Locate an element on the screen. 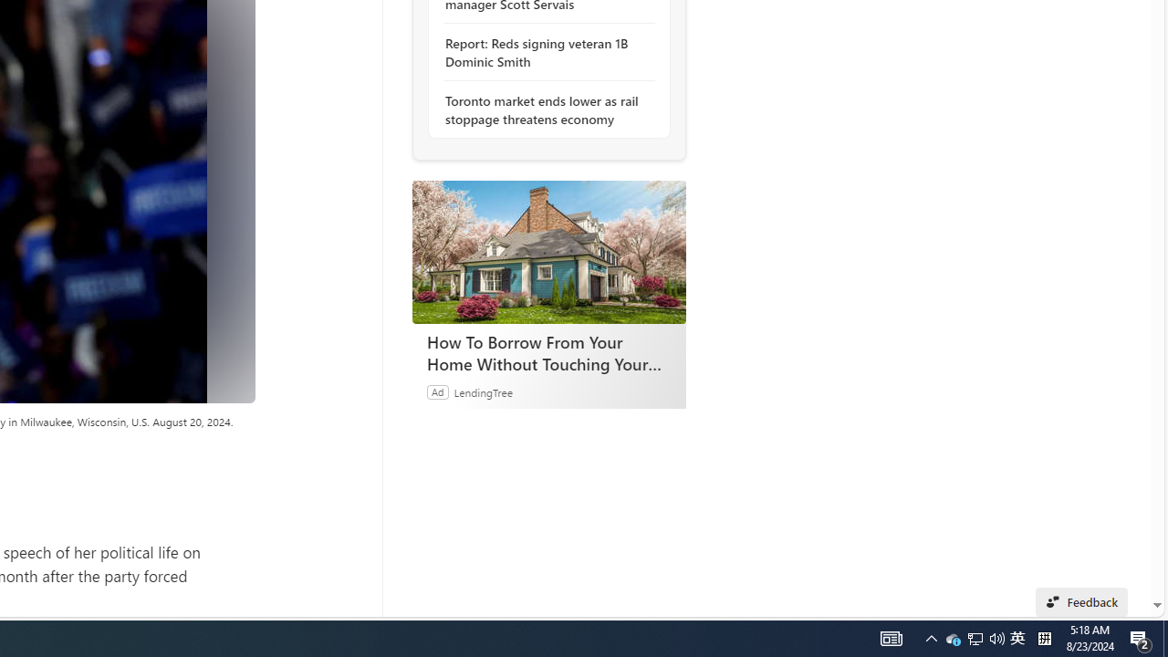 This screenshot has width=1168, height=657. 'LendingTree' is located at coordinates (483, 391).